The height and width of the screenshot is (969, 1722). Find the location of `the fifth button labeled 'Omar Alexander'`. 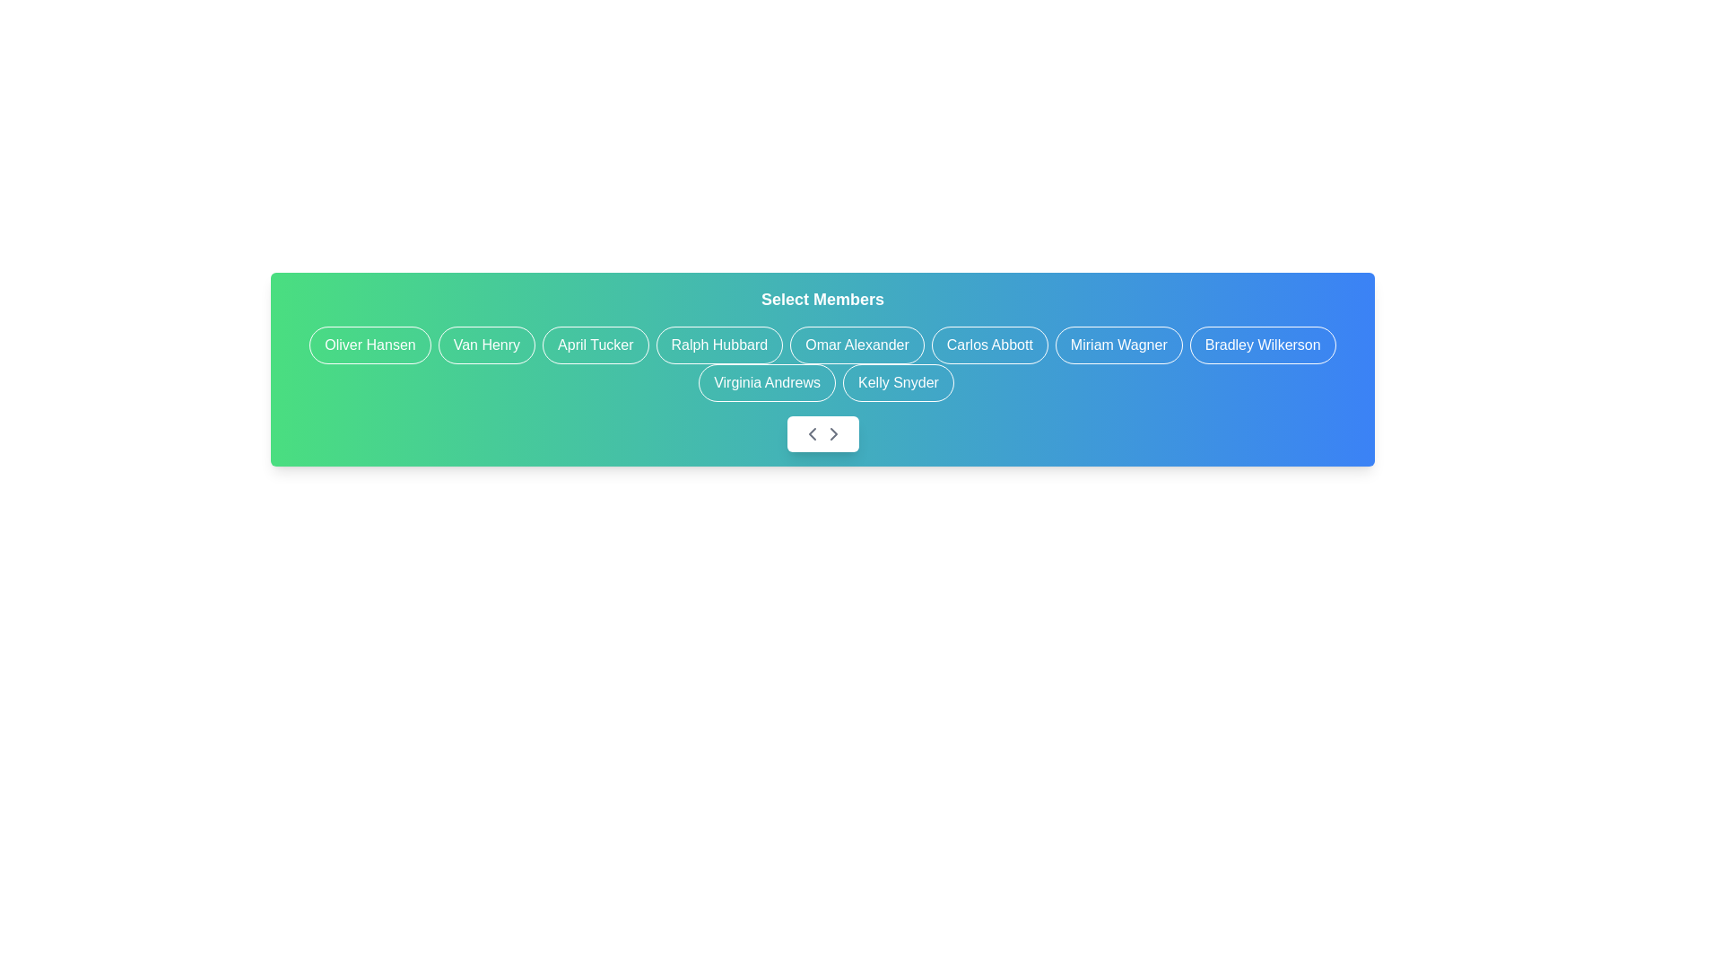

the fifth button labeled 'Omar Alexander' is located at coordinates (856, 345).